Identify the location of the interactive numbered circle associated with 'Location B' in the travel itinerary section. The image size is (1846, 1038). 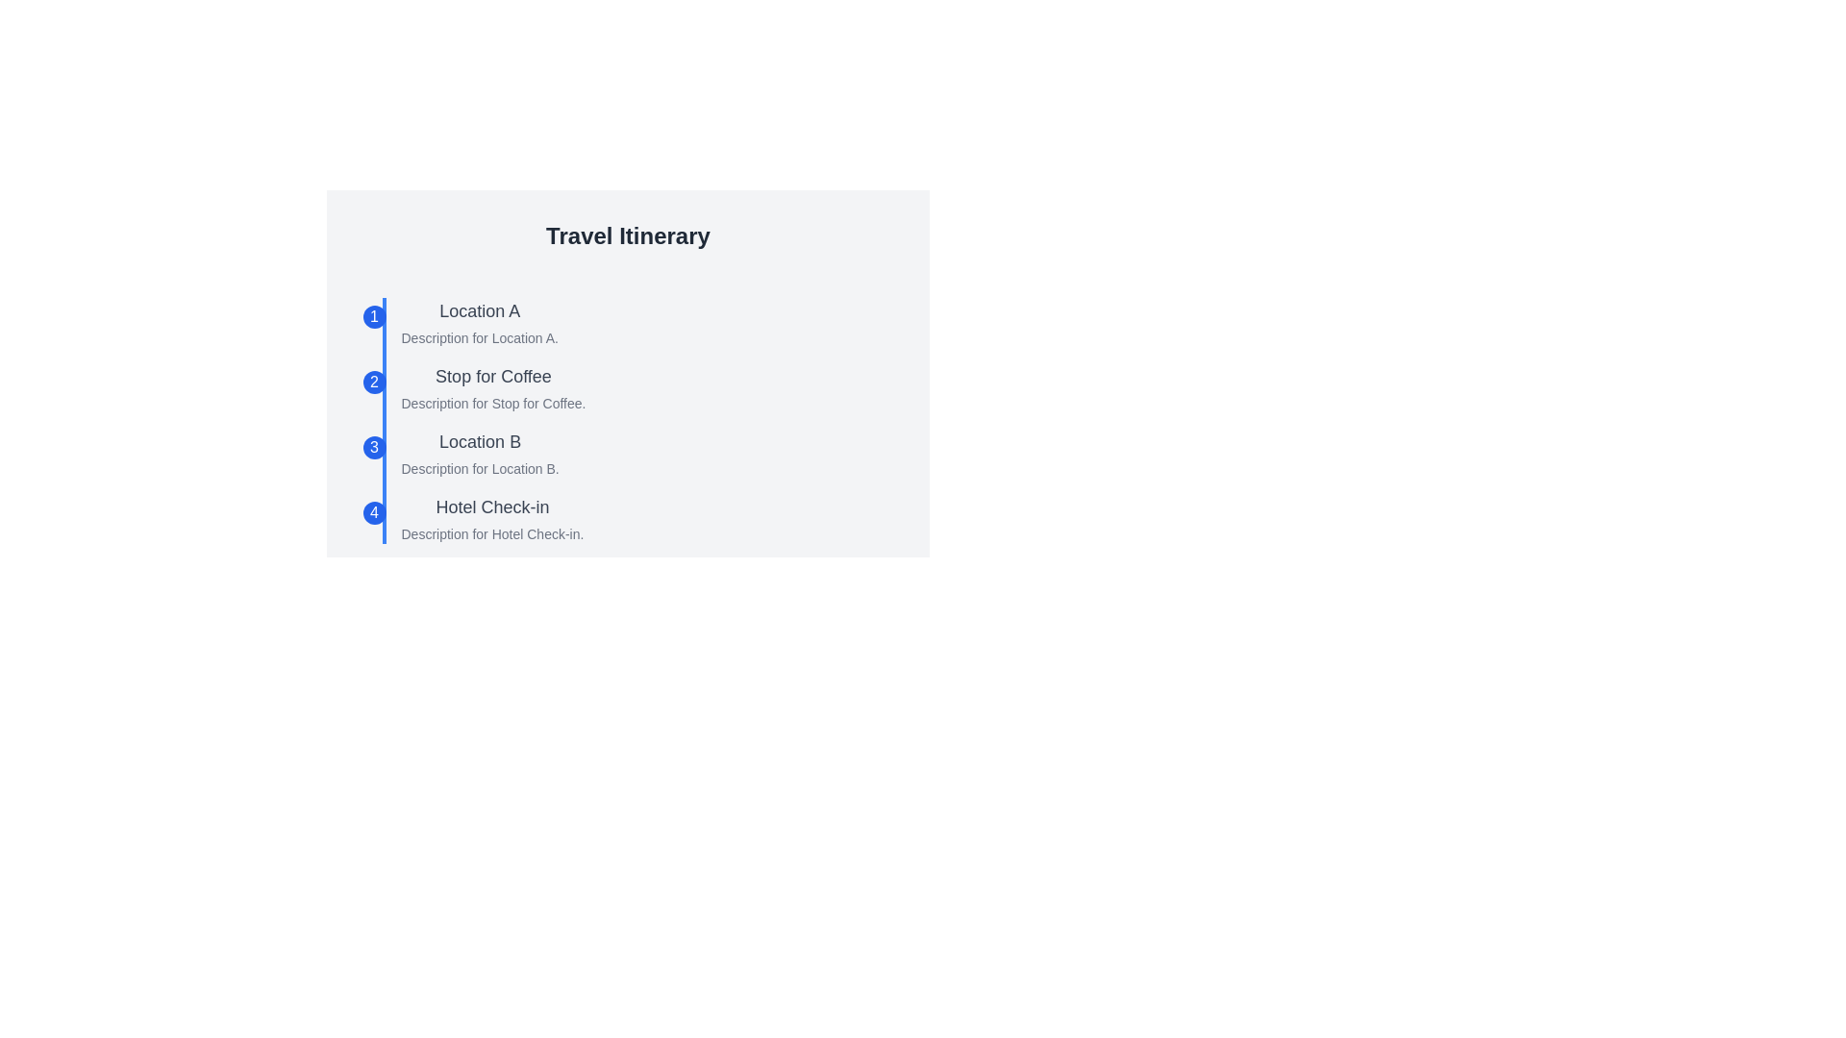
(630, 453).